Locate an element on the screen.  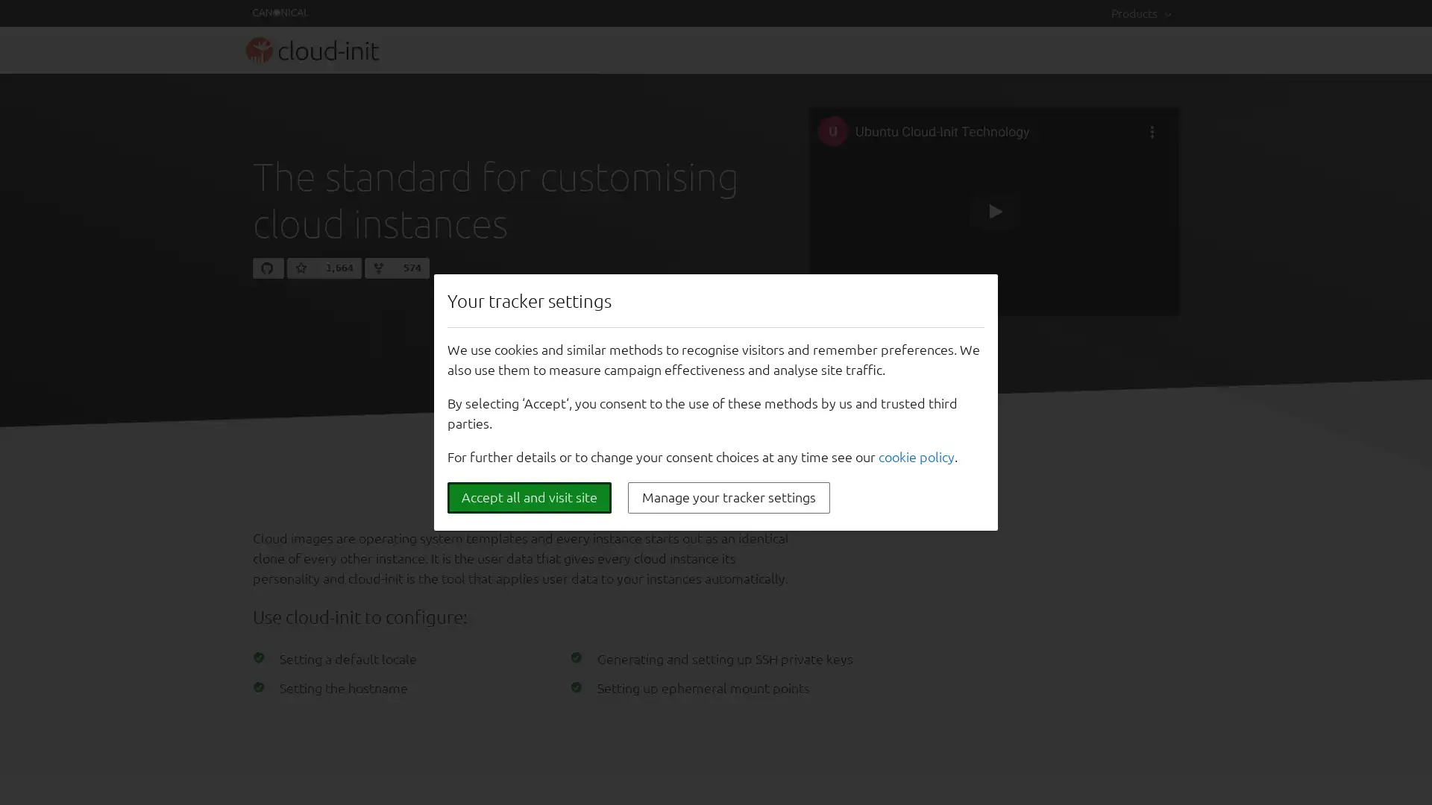
Accept all and visit site is located at coordinates (530, 497).